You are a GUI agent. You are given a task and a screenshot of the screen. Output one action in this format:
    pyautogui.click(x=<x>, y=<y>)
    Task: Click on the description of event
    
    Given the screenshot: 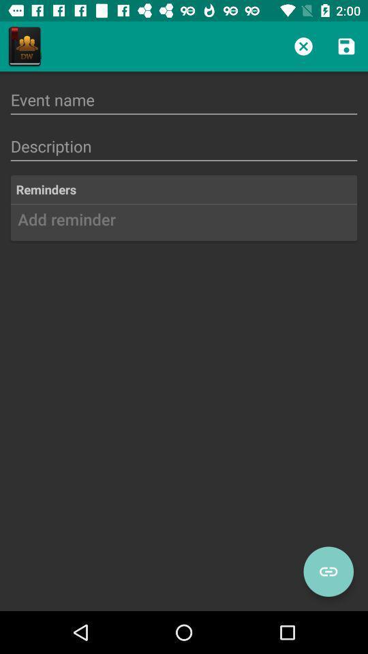 What is the action you would take?
    pyautogui.click(x=184, y=146)
    